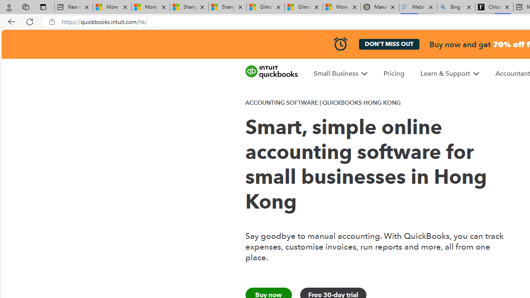 This screenshot has height=298, width=530. Describe the element at coordinates (303, 7) in the screenshot. I see `'Gilma and Hector both pose tropical trouble for Hawaii'` at that location.